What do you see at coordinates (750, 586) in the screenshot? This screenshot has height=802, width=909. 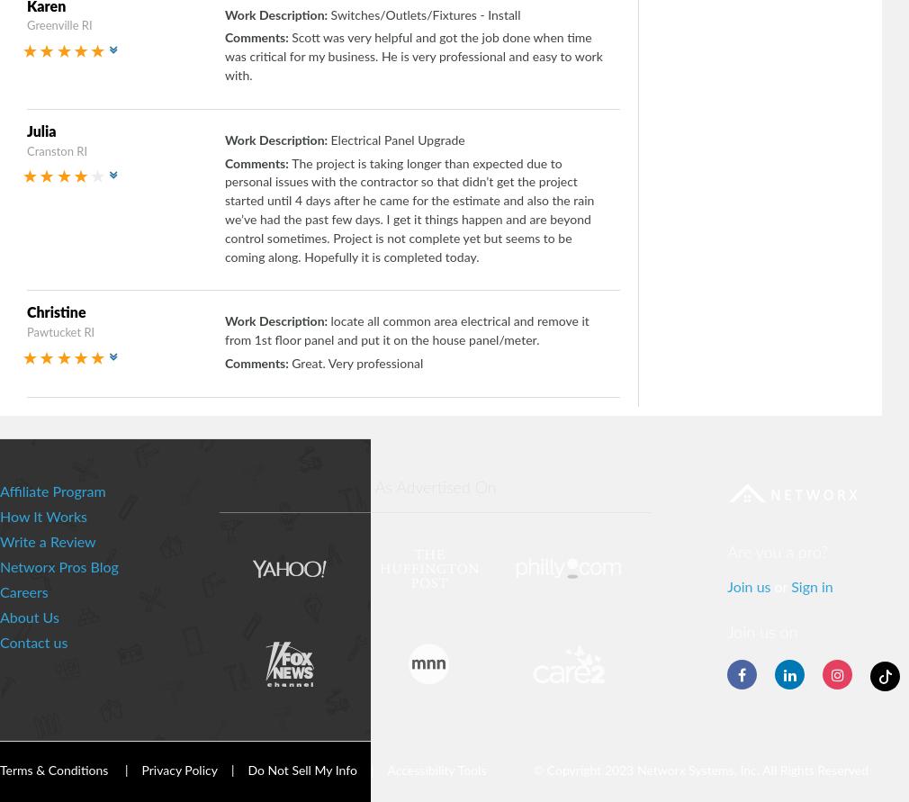 I see `'Join us'` at bounding box center [750, 586].